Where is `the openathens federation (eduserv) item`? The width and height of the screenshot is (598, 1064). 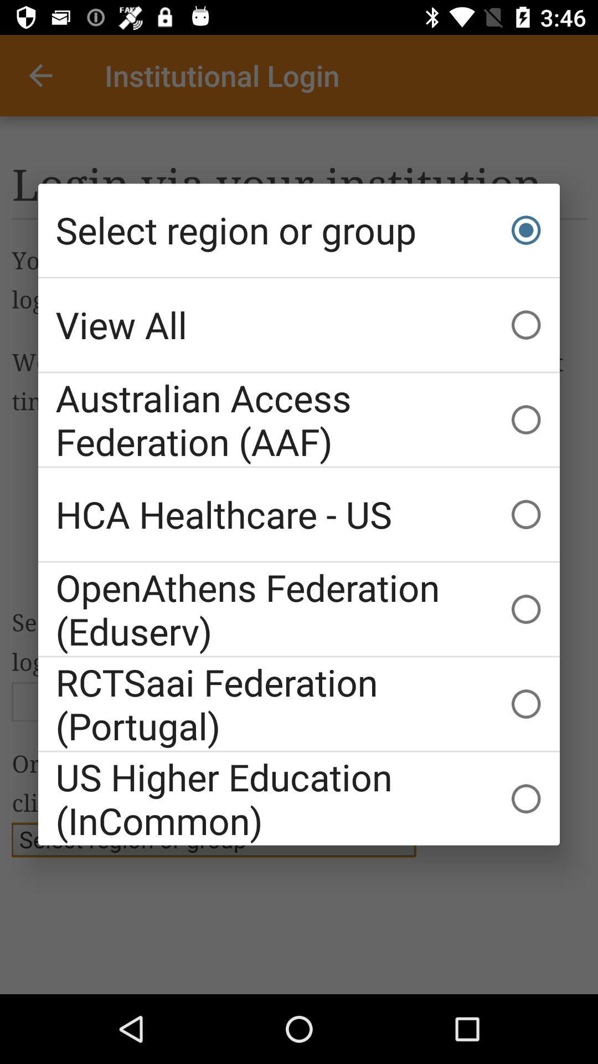
the openathens federation (eduserv) item is located at coordinates (299, 608).